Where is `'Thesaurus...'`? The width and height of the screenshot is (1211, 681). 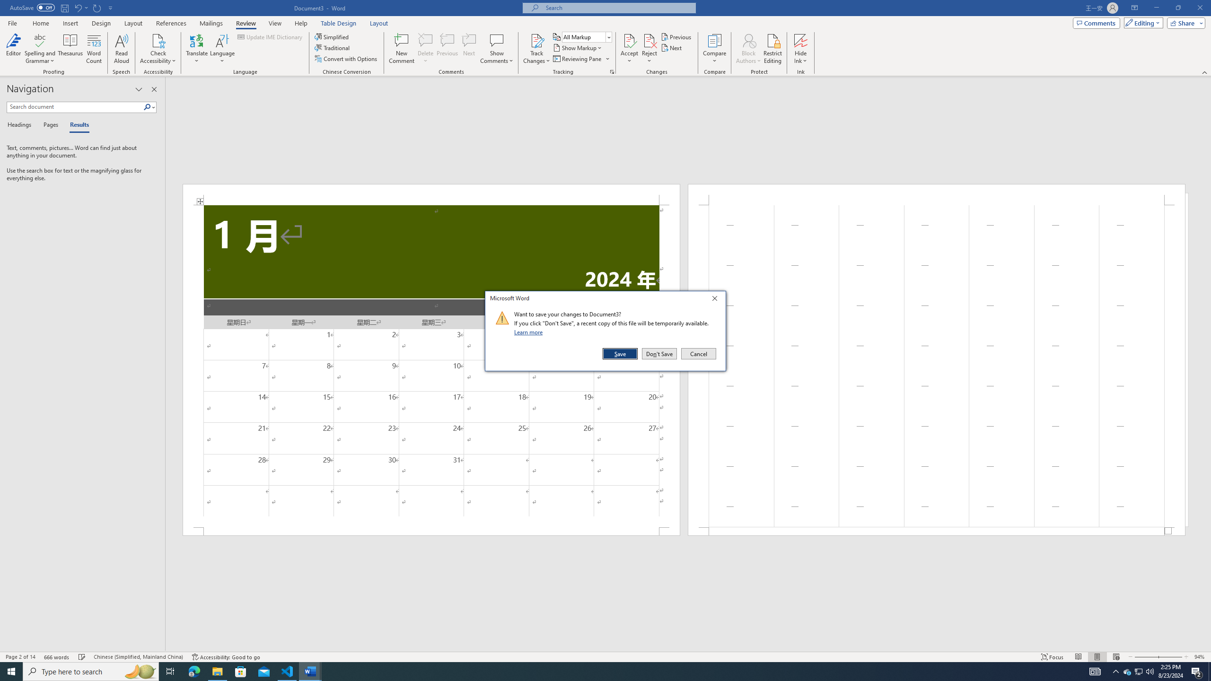
'Thesaurus...' is located at coordinates (70, 49).